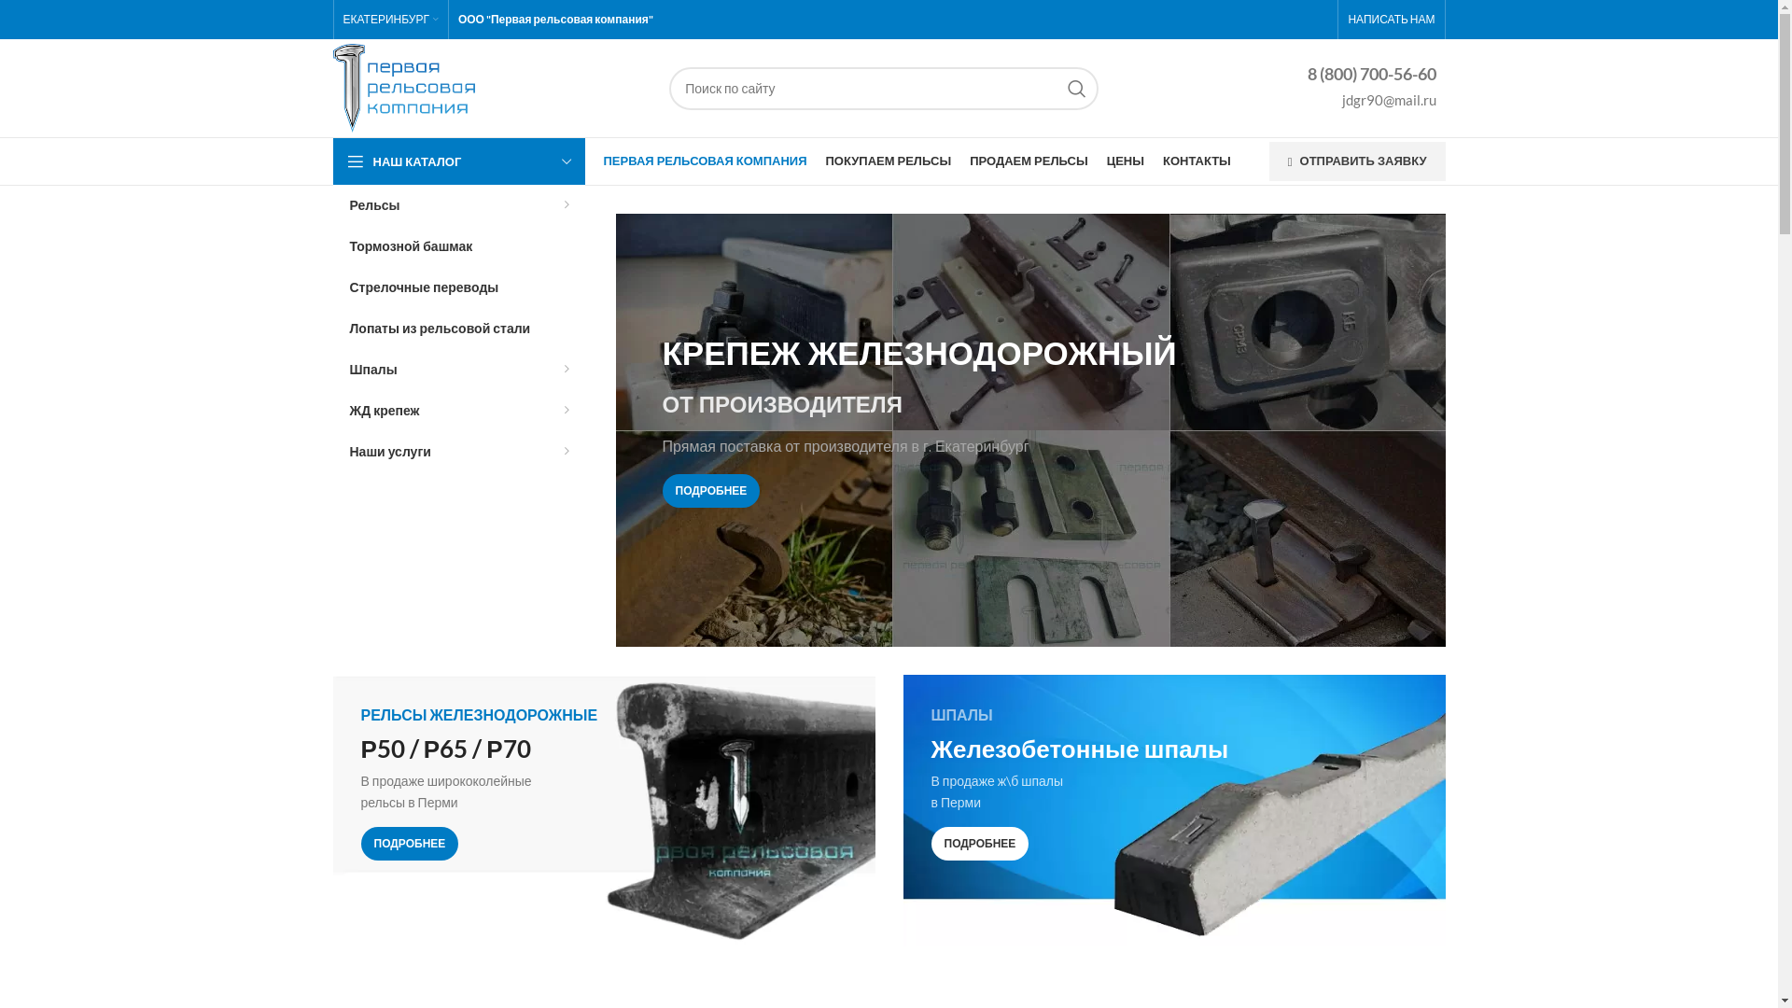 This screenshot has height=1008, width=1792. I want to click on '8 (800) 700-56-60', so click(1370, 77).